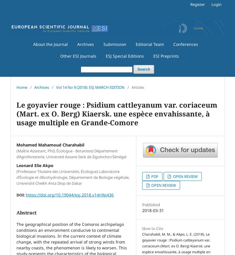  What do you see at coordinates (138, 87) in the screenshot?
I see `'Articles'` at bounding box center [138, 87].